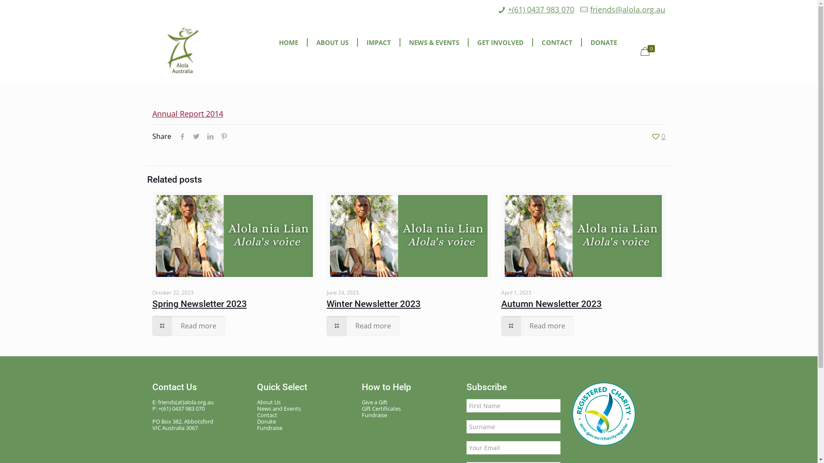 Image resolution: width=824 pixels, height=463 pixels. I want to click on 'CONTACT', so click(533, 42).